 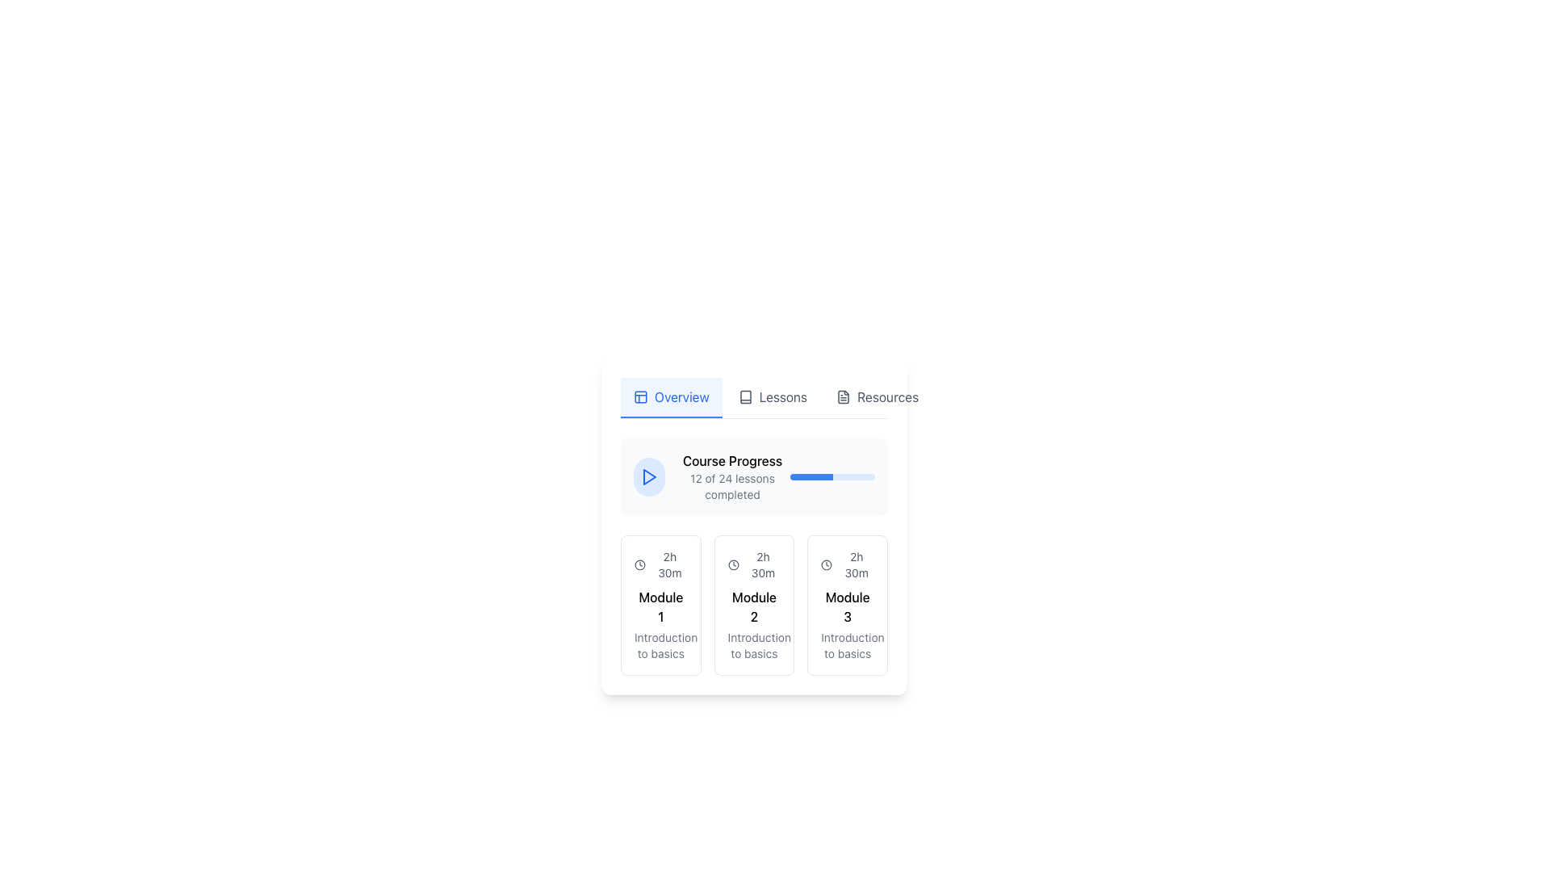 I want to click on the Label with a clock icon displaying '2h 30m', positioned above 'Module 1' and its description in the first module card, so click(x=660, y=564).